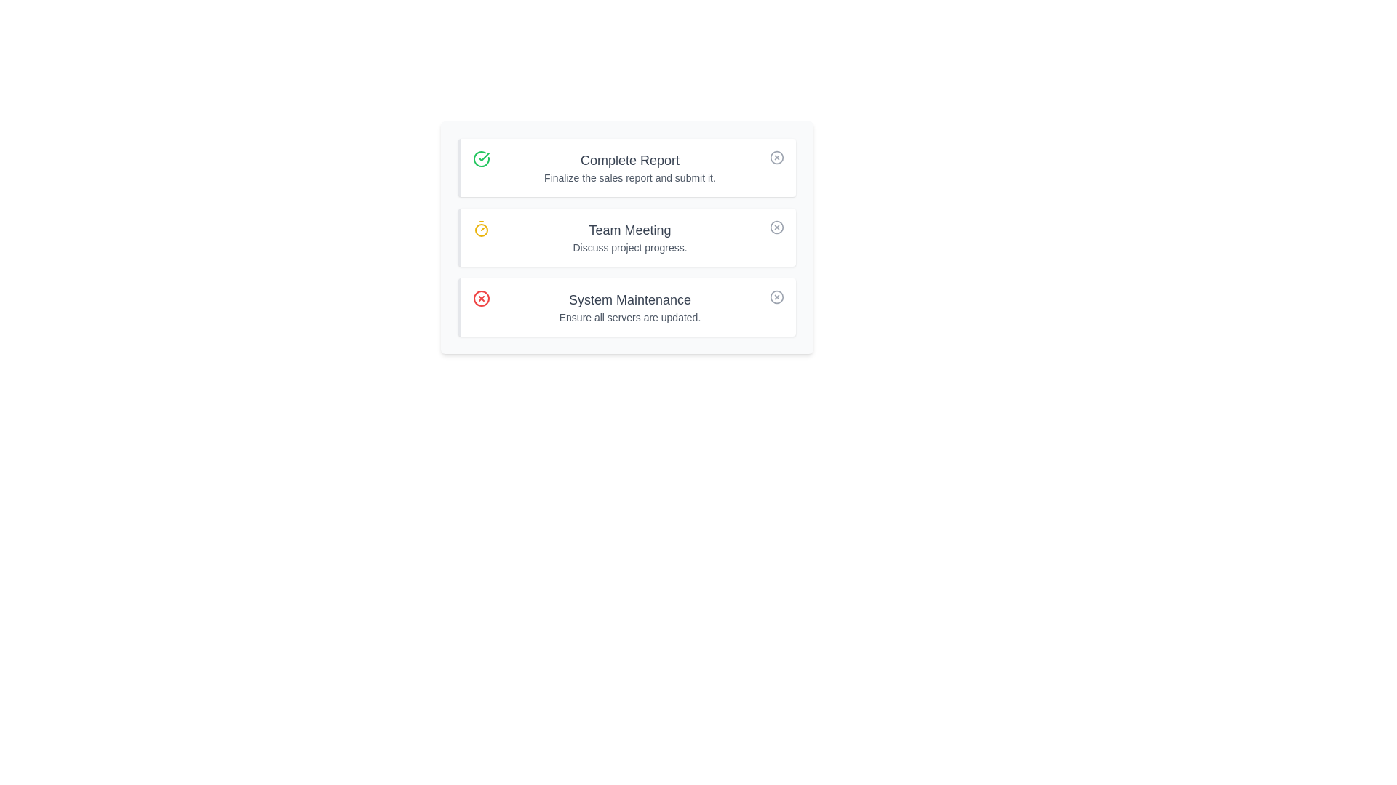 The height and width of the screenshot is (785, 1397). I want to click on close button for the task with title Team Meeting, so click(776, 227).